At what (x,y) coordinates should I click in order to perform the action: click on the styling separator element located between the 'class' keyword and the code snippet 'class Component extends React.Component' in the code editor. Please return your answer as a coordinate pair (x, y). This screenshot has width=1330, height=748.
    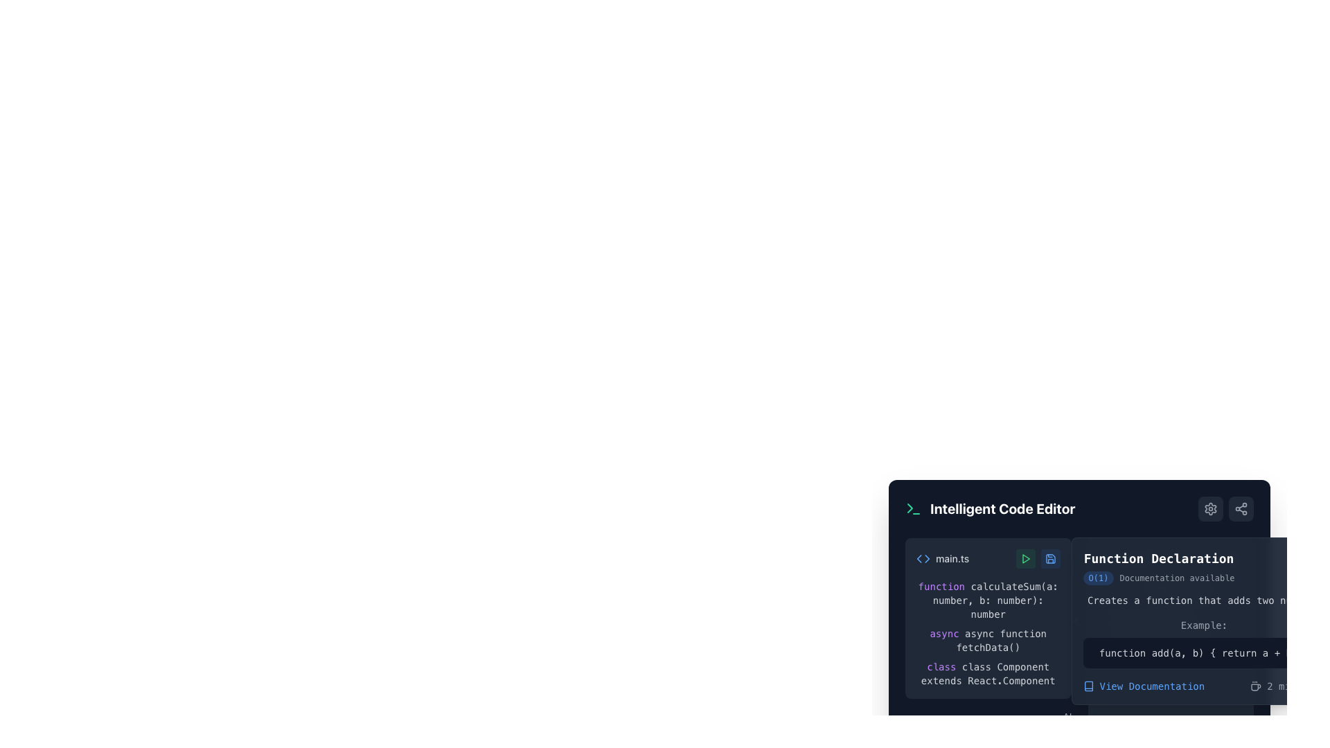
    Looking at the image, I should click on (958, 666).